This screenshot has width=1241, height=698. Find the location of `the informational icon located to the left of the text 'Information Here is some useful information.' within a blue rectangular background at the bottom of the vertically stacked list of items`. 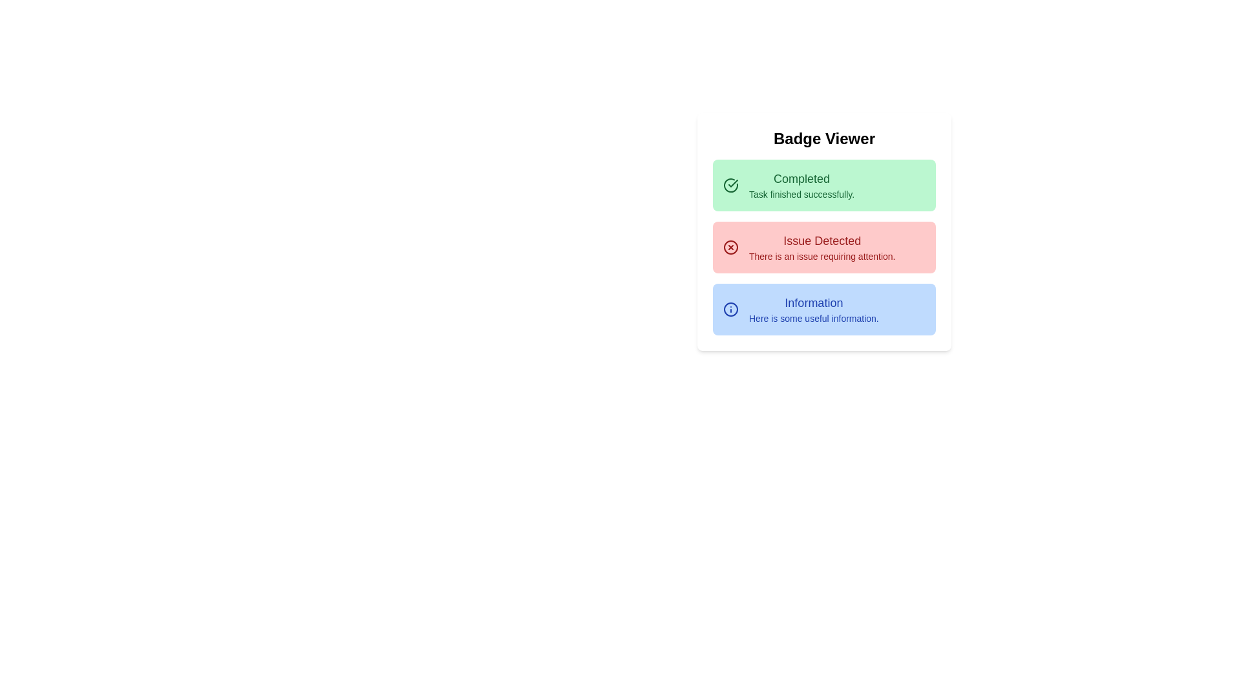

the informational icon located to the left of the text 'Information Here is some useful information.' within a blue rectangular background at the bottom of the vertically stacked list of items is located at coordinates (731, 309).